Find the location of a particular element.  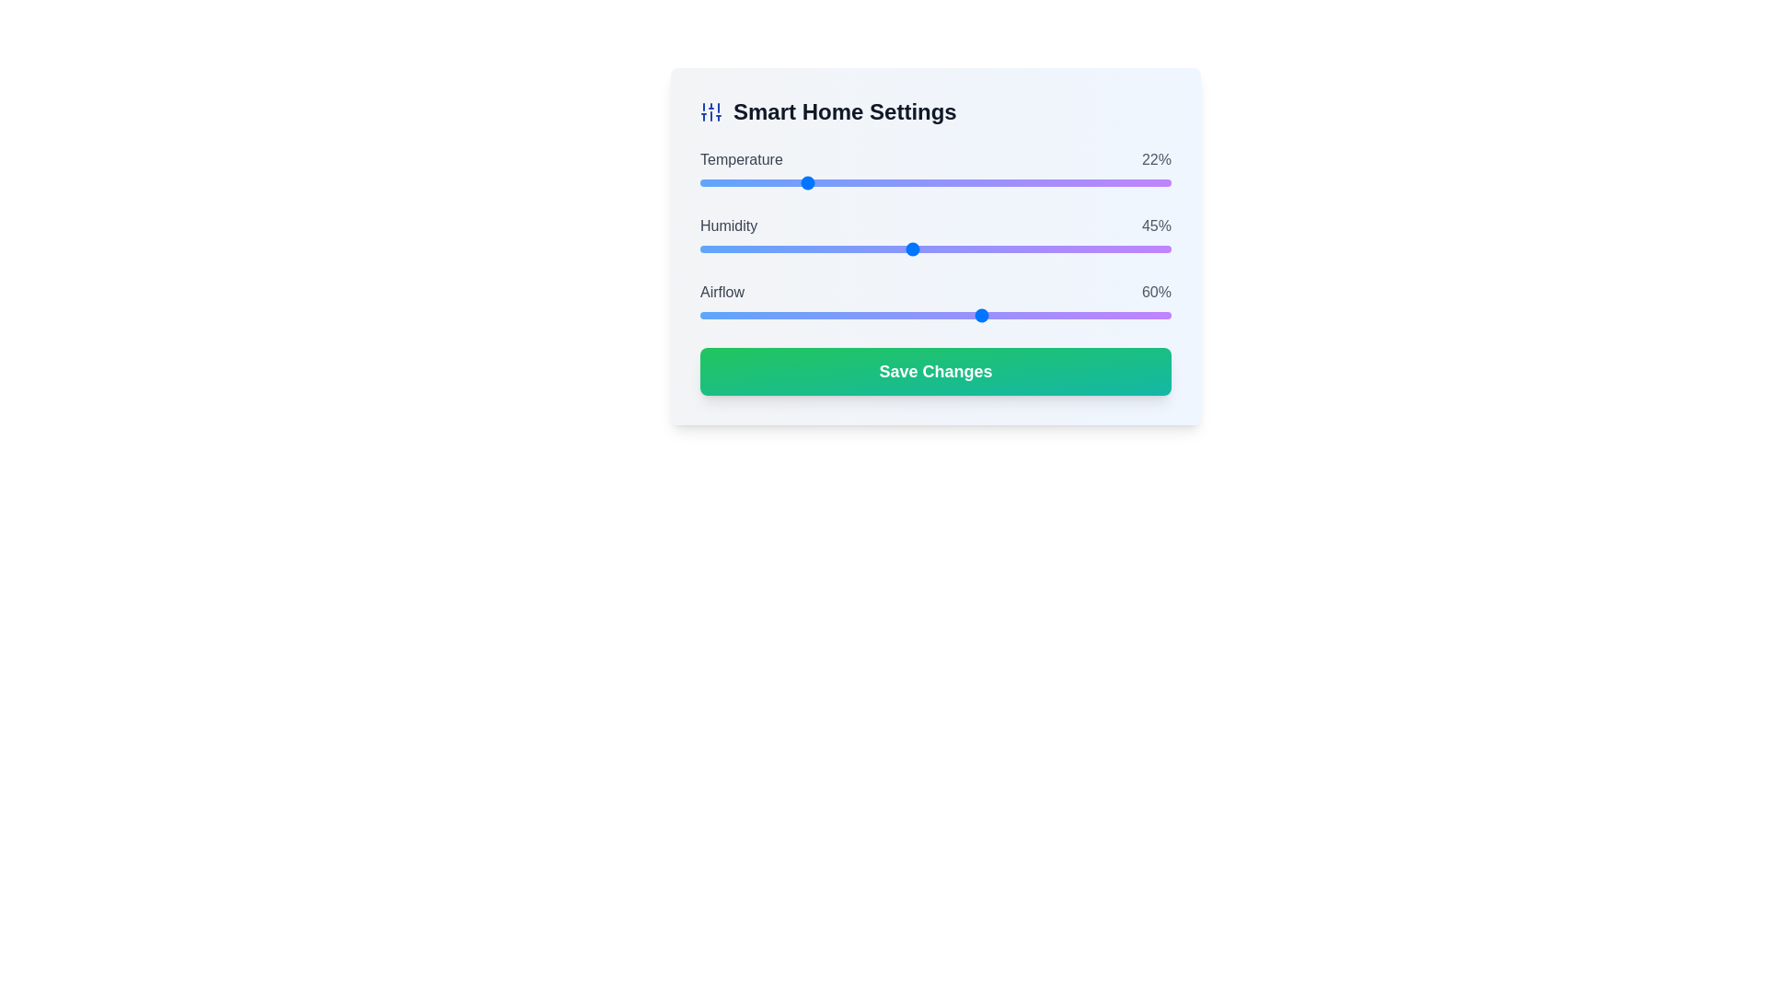

the text label displaying '22%' in gray color, located in the top-right corner next to the label 'Temperature' is located at coordinates (1156, 158).